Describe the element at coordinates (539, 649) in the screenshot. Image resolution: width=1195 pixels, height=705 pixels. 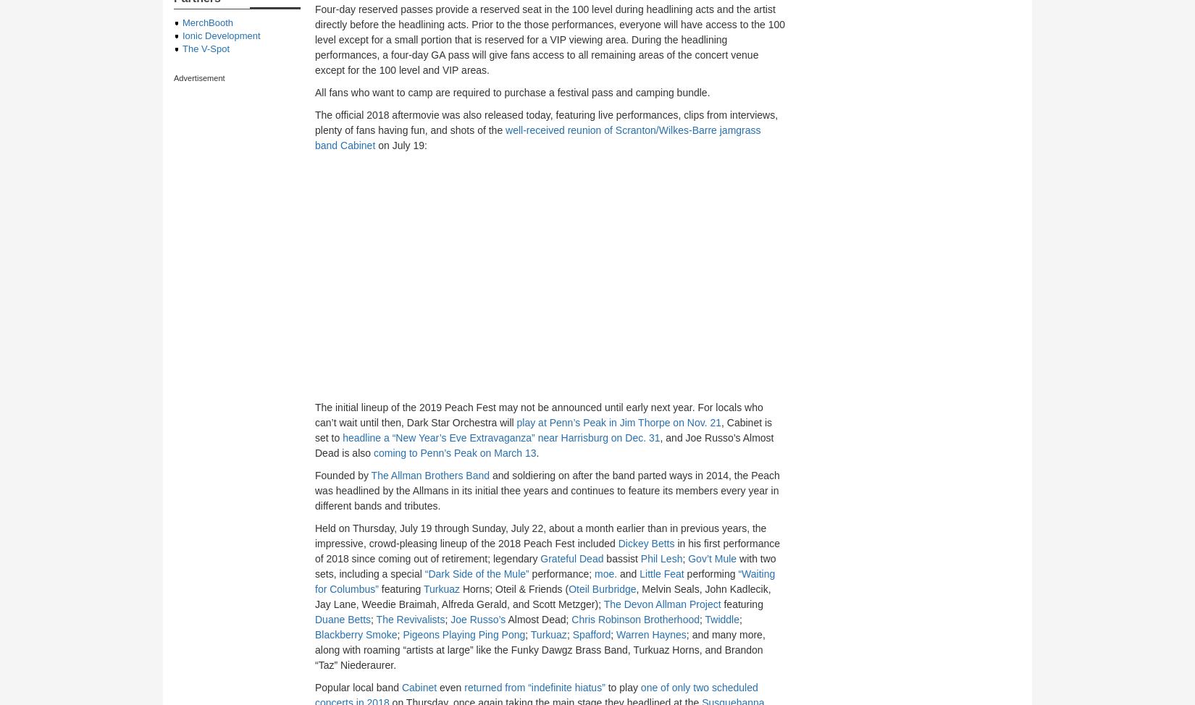
I see `'; and many more, along with roaming “artists at large” like the Funky Dawgz Brass Band, Turkuaz Horns, and Brandon “Taz” Niederaurer.'` at that location.